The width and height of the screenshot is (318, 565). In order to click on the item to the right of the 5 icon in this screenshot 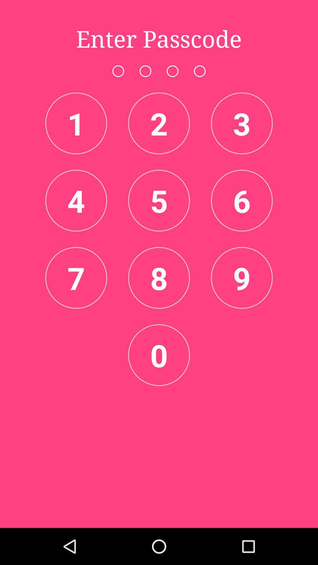, I will do `click(242, 200)`.